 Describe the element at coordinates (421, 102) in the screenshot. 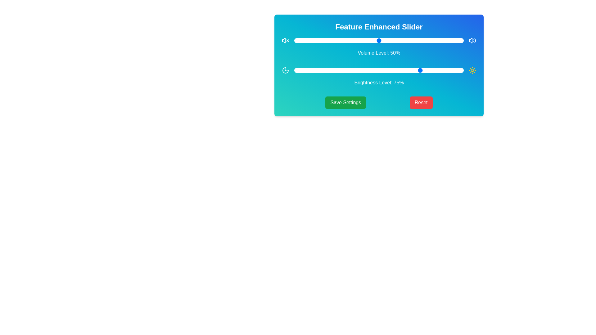

I see `the red 'Reset' button with white text to reset settings, located in the bottom-right area of the card interface next to the 'Save Settings' button` at that location.